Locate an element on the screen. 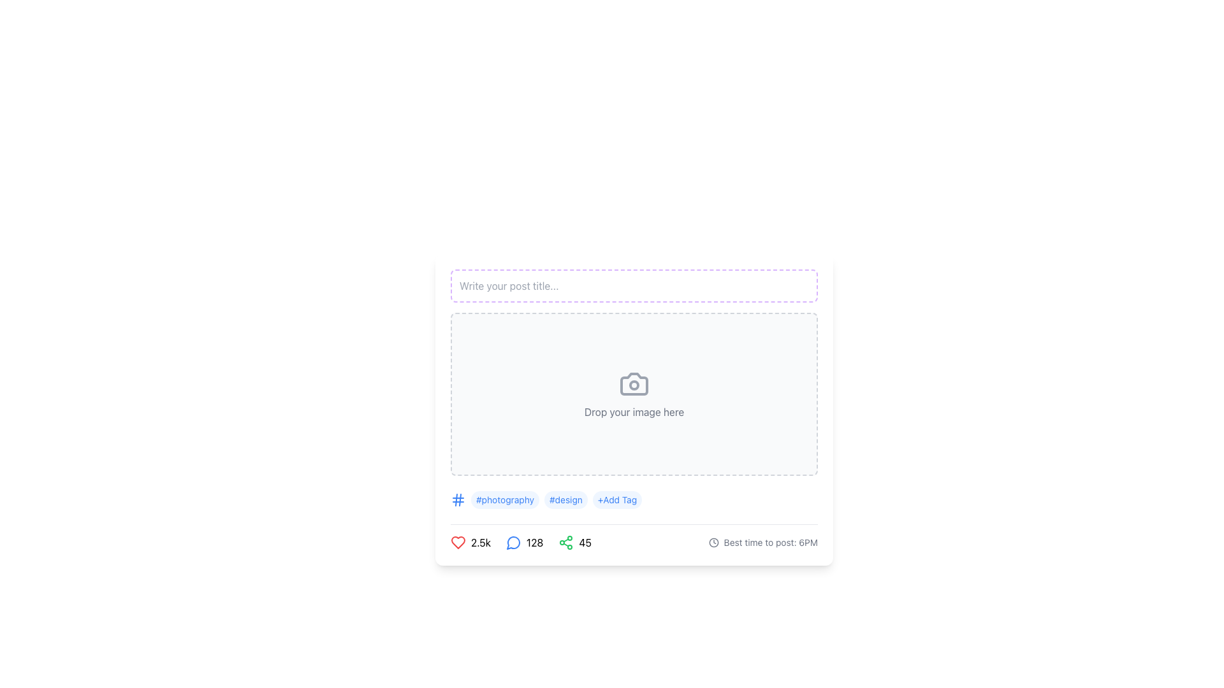 Image resolution: width=1224 pixels, height=688 pixels. the blue speech bubble icon located centrally between the heart icon on the left and the share icon on the right at the bottom of the content card is located at coordinates (513, 543).